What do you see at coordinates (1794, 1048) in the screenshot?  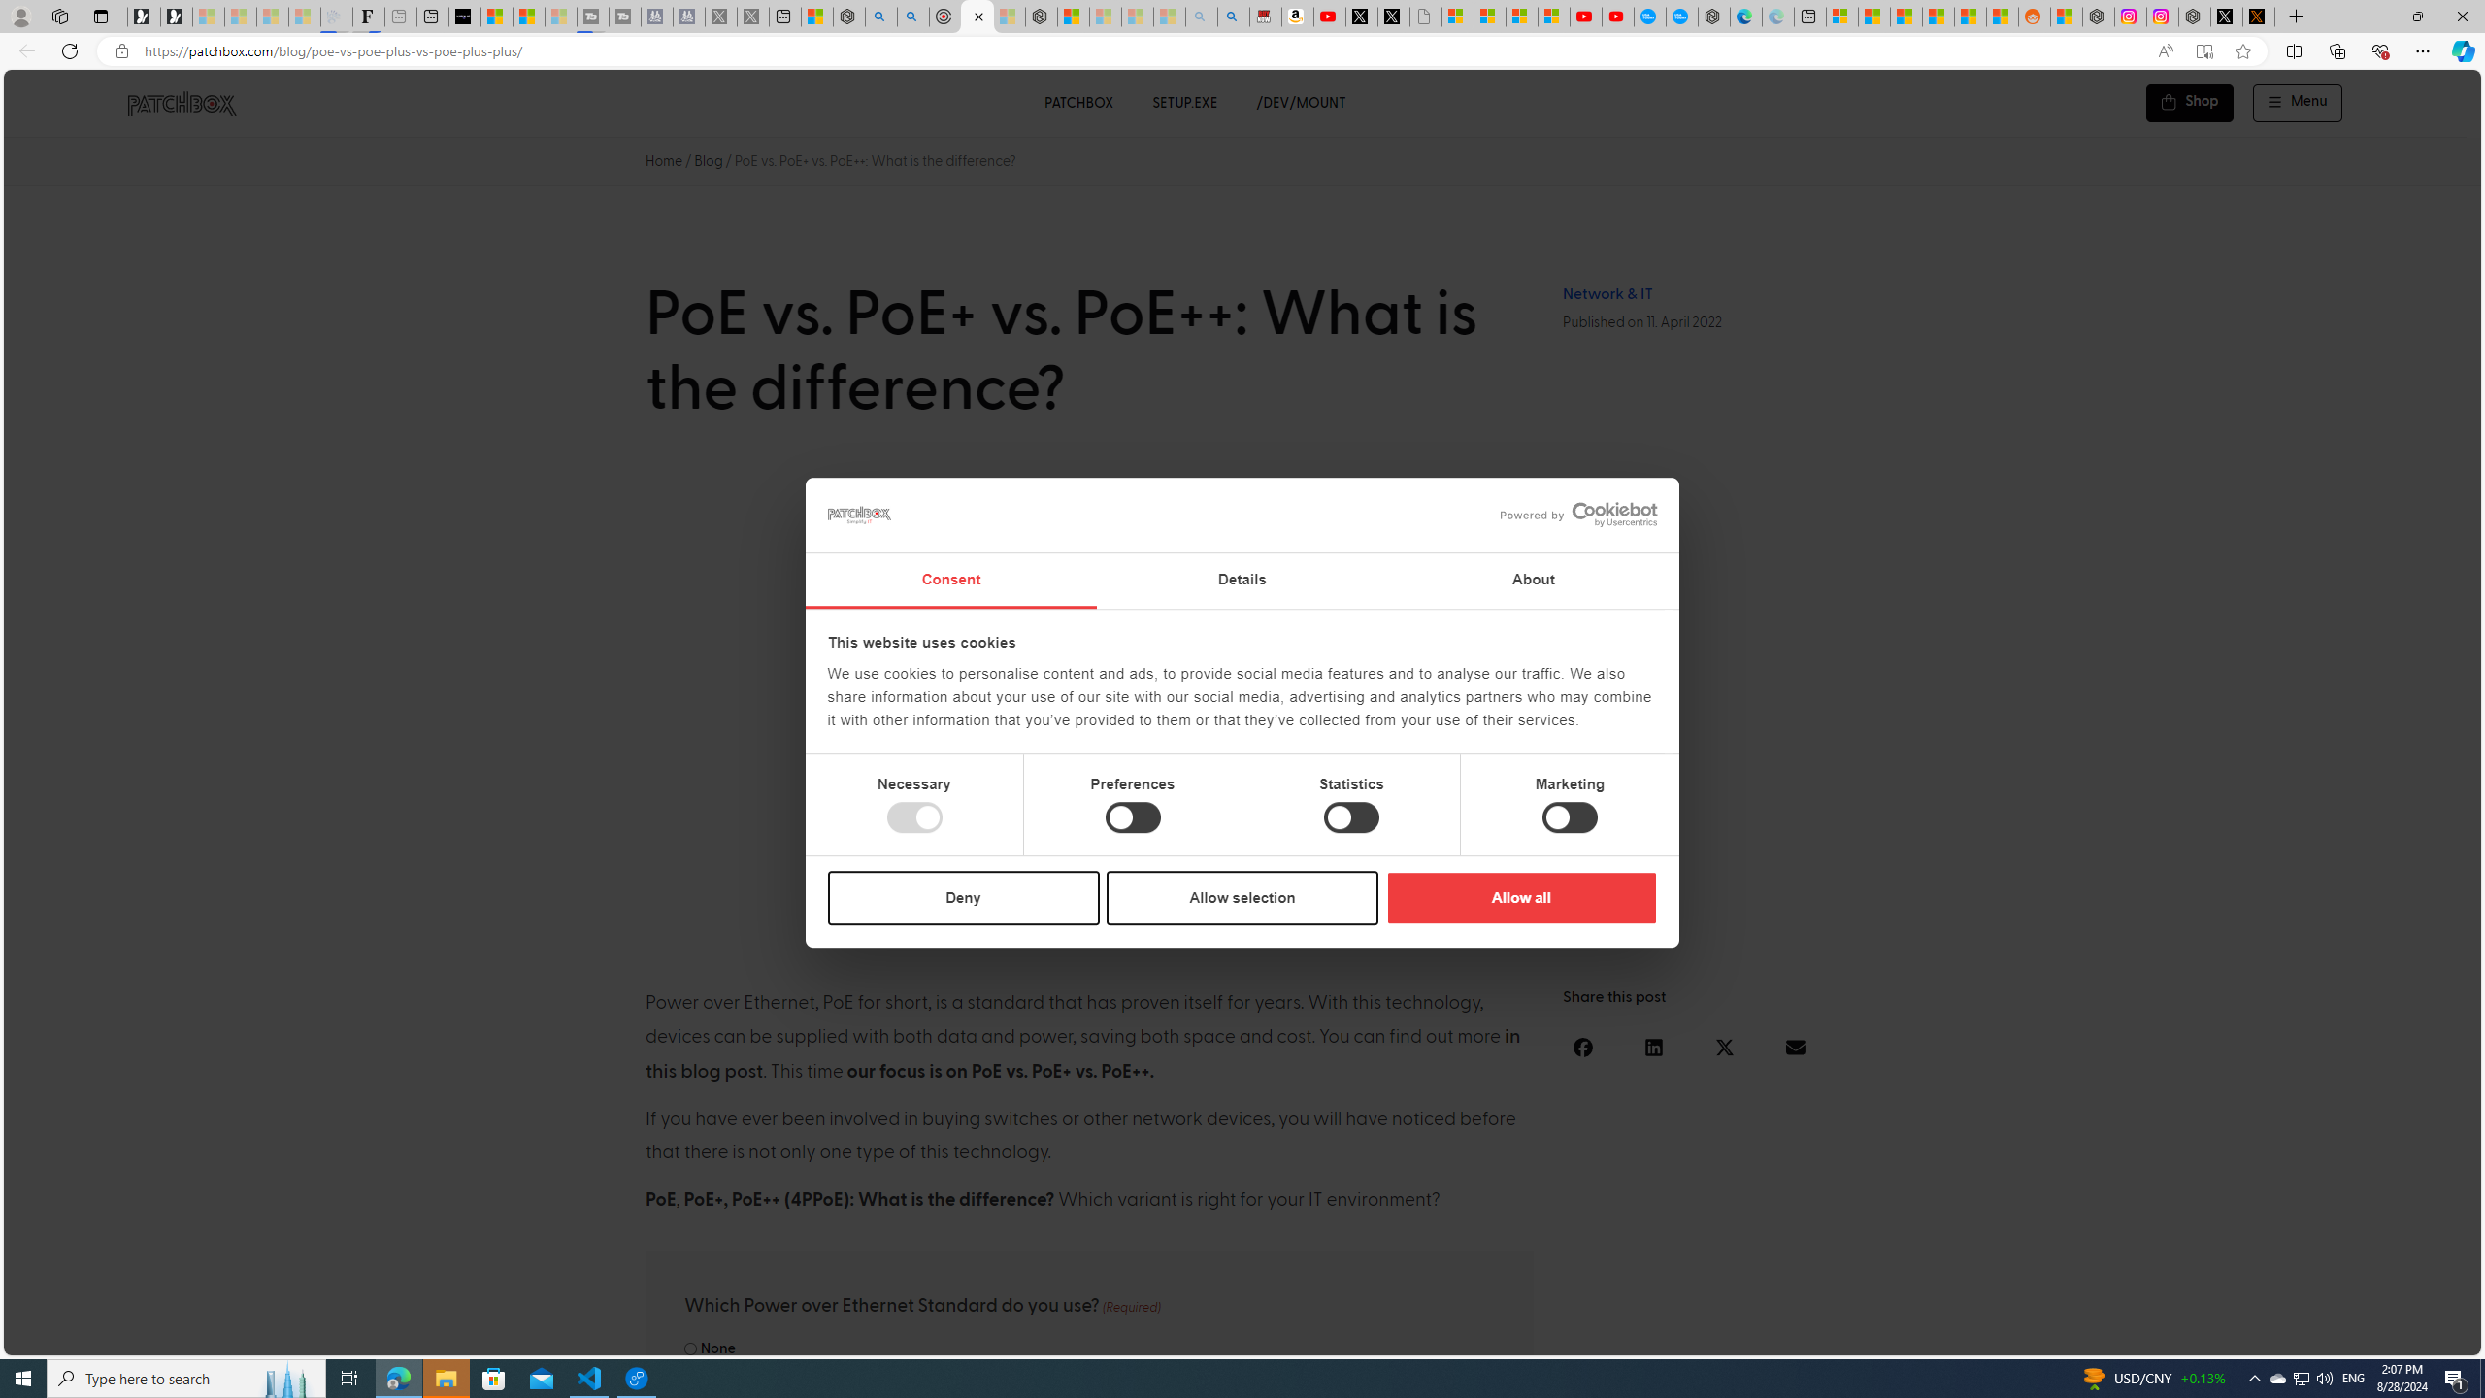 I see `'Share on email'` at bounding box center [1794, 1048].